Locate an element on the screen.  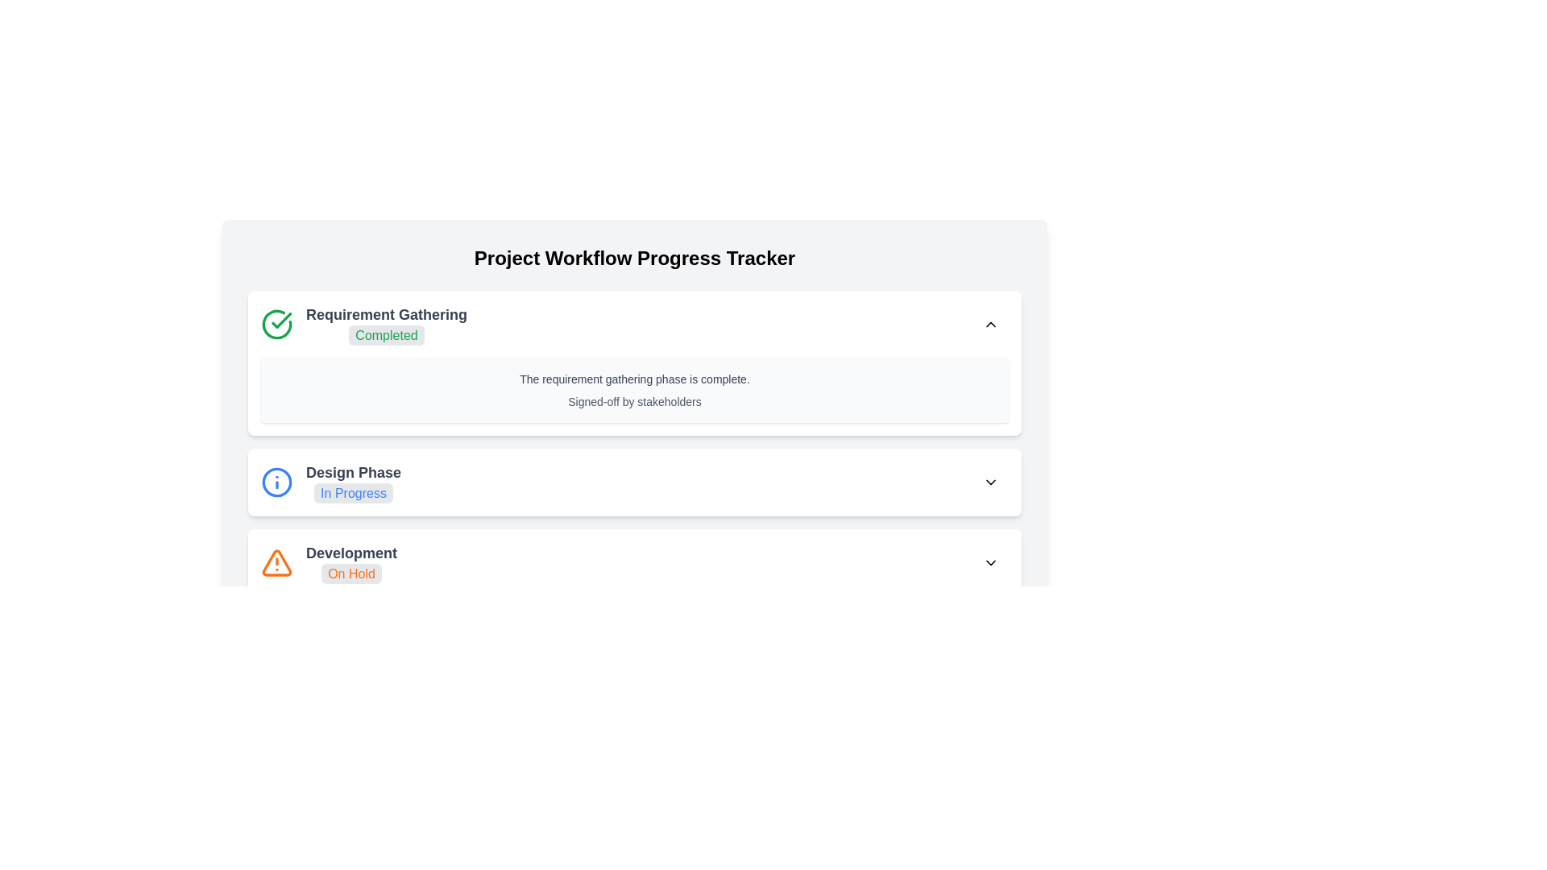
information displayed on the 'Design Phase' text label pair, which includes the bold text 'Design Phase' and the smaller blue text 'In Progress' inside a gray bubble is located at coordinates (353, 481).